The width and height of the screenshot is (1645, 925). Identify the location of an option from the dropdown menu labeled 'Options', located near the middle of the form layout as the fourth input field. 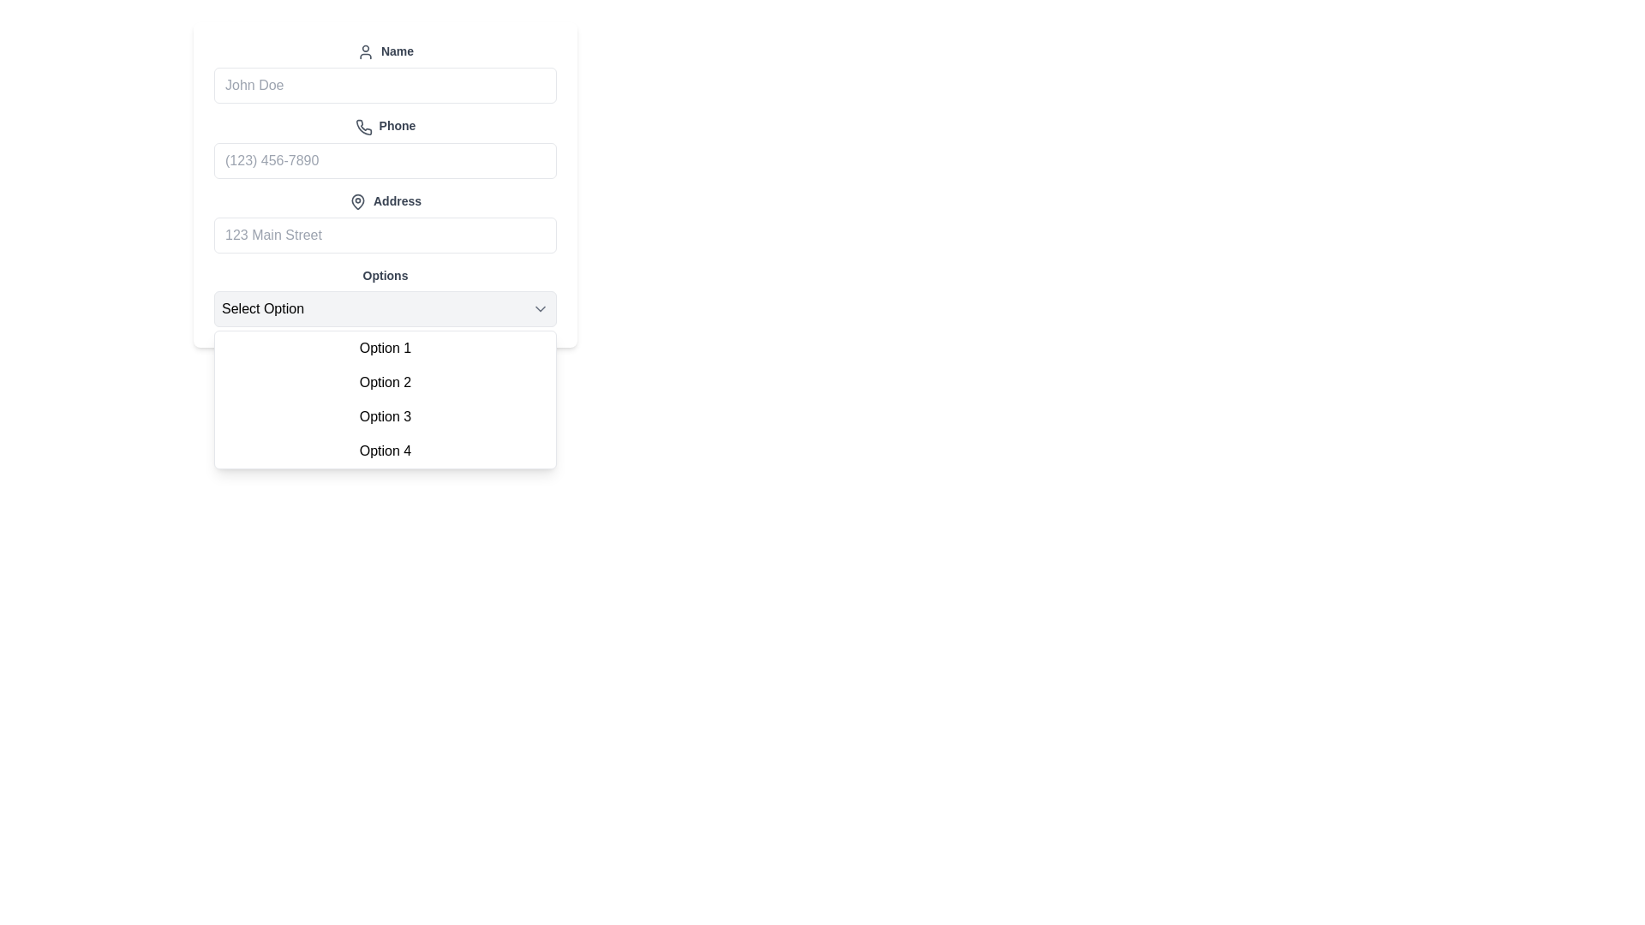
(385, 295).